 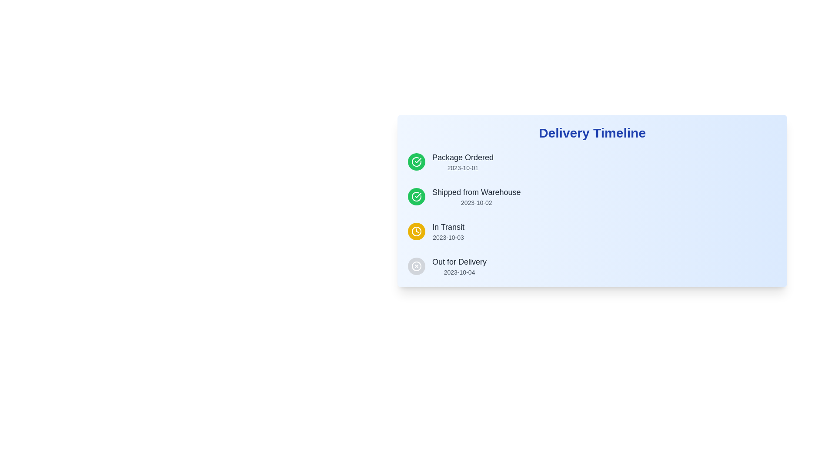 What do you see at coordinates (448, 238) in the screenshot?
I see `timestamp text label indicating the date associated with the 'In Transit' status for the delivery, located beneath the 'In Transit' text and aligned horizontally within the same section` at bounding box center [448, 238].